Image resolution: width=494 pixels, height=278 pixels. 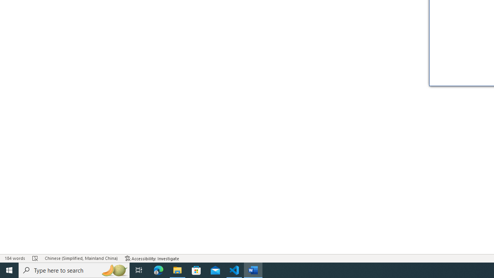 I want to click on 'Task View', so click(x=139, y=270).